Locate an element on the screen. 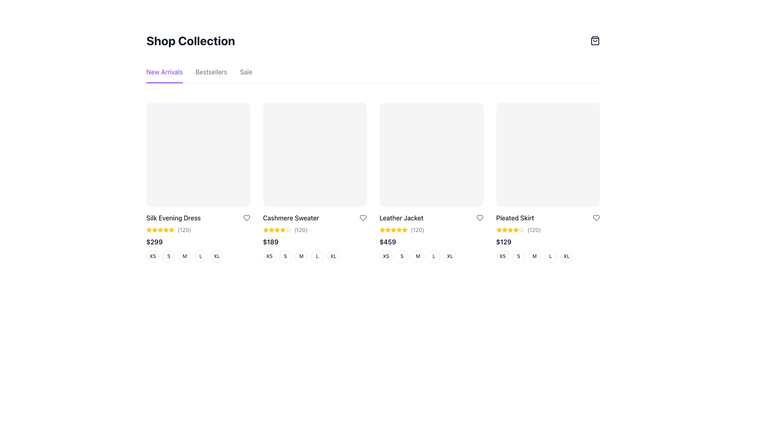 This screenshot has height=432, width=768. the circular button labeled 'XL' with a white background and gray border is located at coordinates (217, 256).